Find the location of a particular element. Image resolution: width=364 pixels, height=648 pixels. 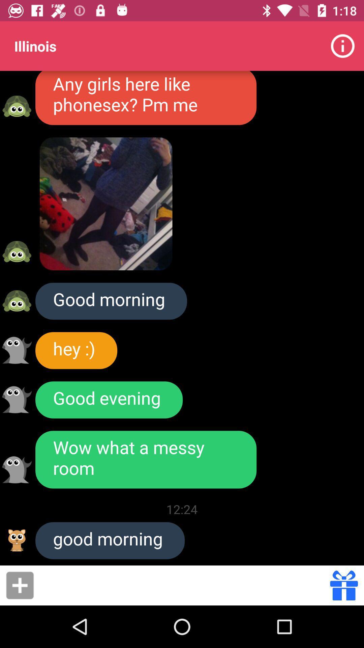

send gift is located at coordinates (344, 585).